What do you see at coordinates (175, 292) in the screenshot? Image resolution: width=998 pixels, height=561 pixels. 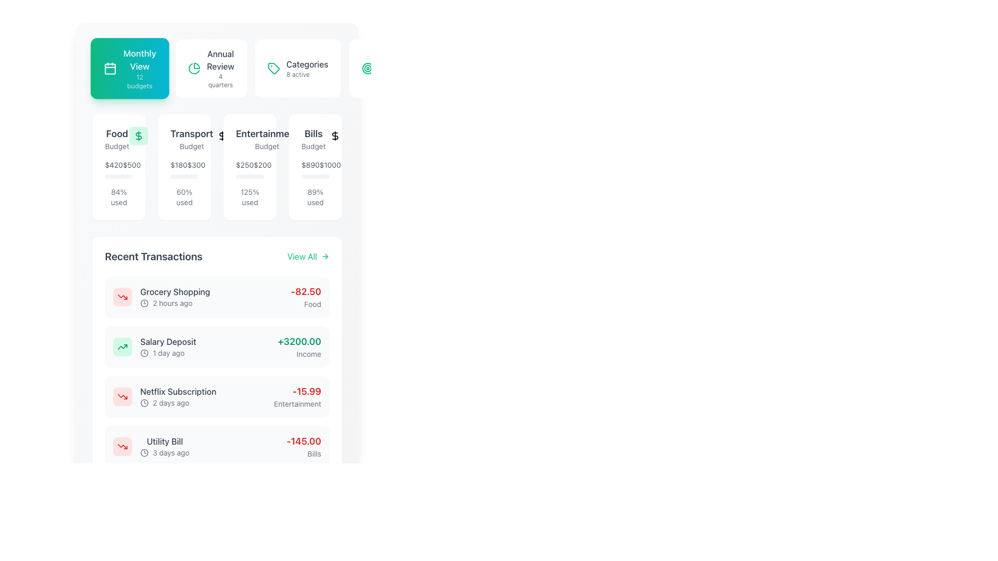 I see `Text label that describes the nature of the expense or activity in the recent transactions list, located above the '2 hours ago' label` at bounding box center [175, 292].